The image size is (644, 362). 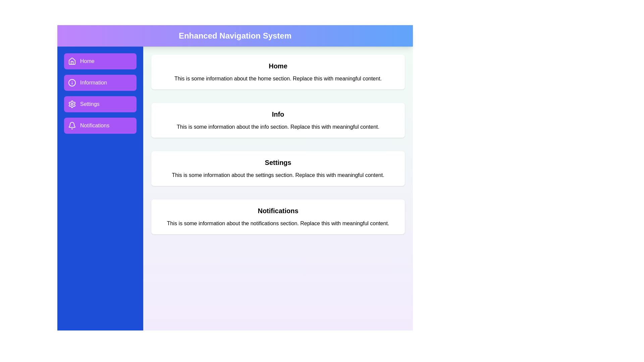 I want to click on the circular outline icon with a smooth white outline located within the 'Information' button in the sidebar, so click(x=72, y=82).